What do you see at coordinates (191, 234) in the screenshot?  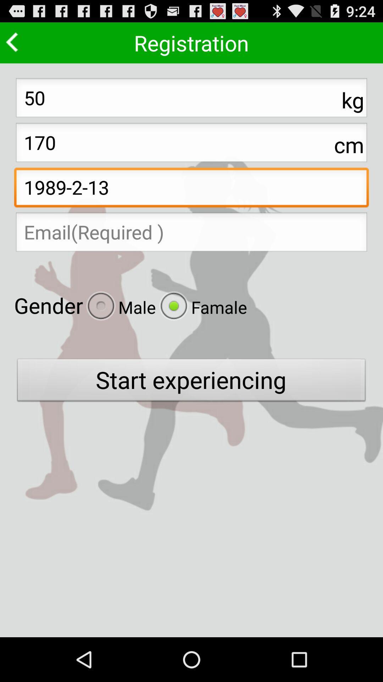 I see `email` at bounding box center [191, 234].